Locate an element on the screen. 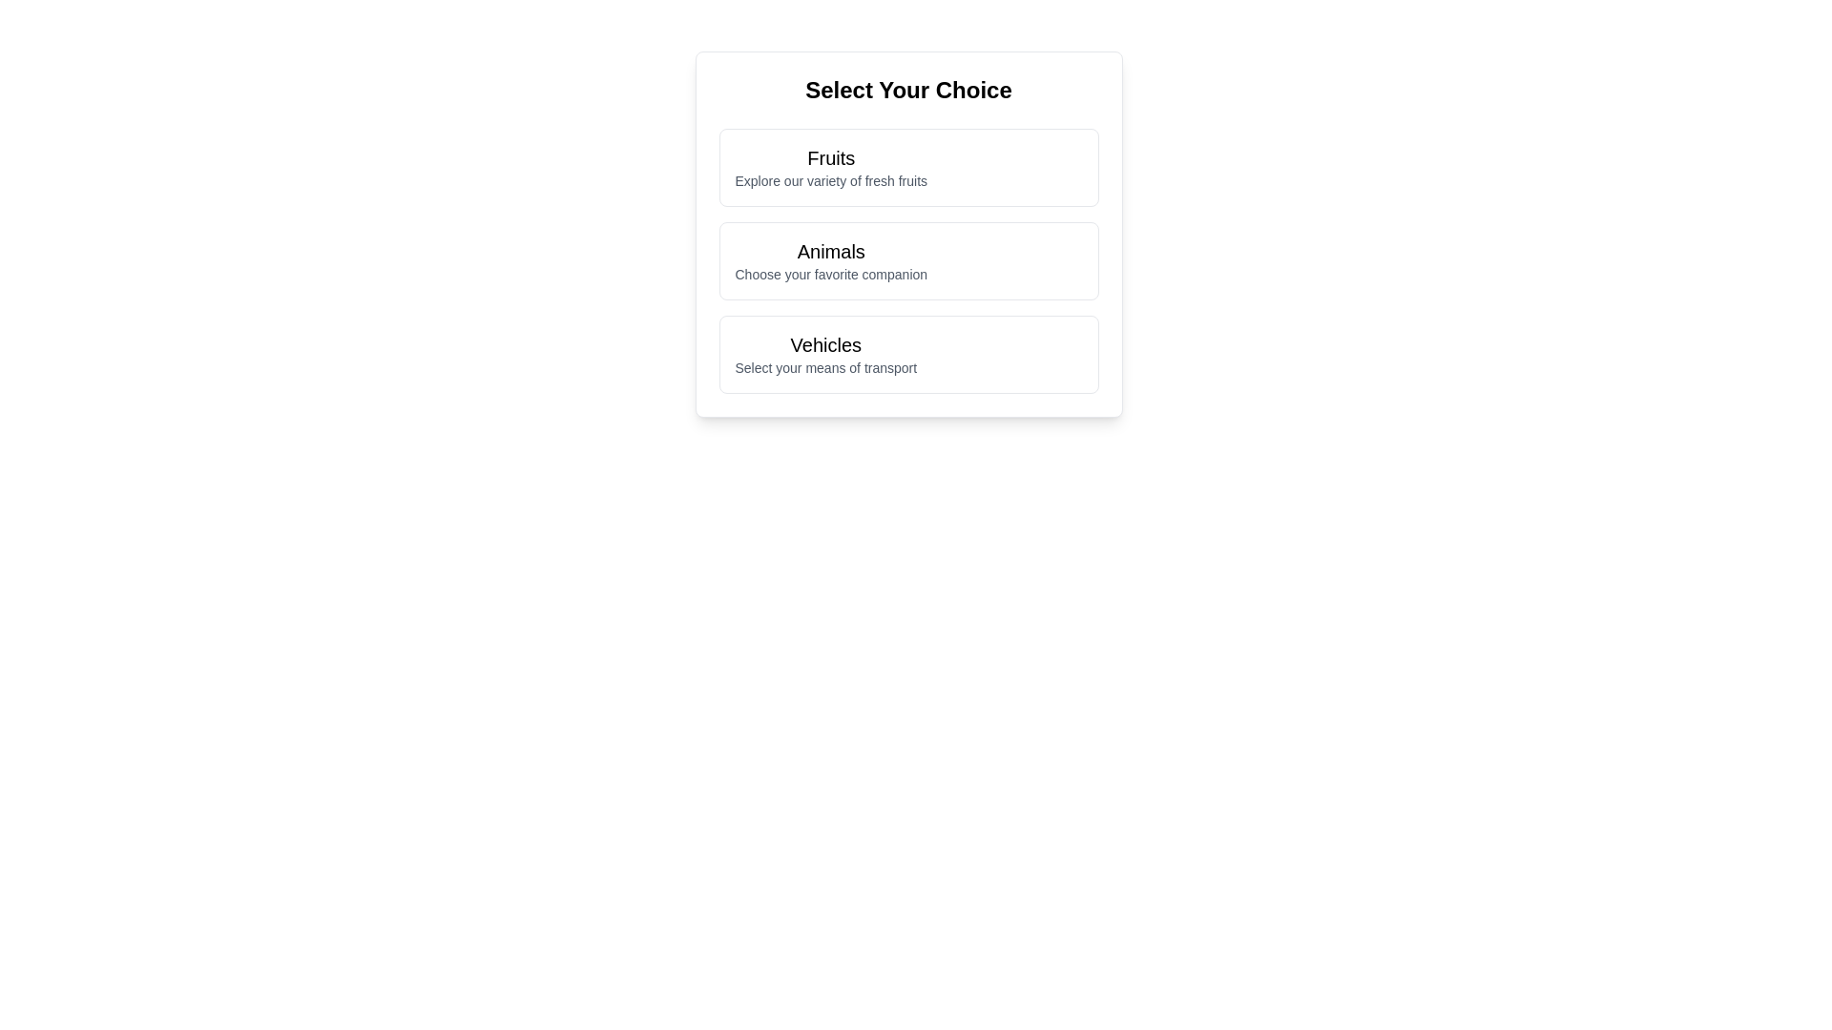 This screenshot has height=1030, width=1832. the text label displaying 'Select your means of transport', which is styled in a small gray font and located below the bold label 'Vehicles' is located at coordinates (825, 367).